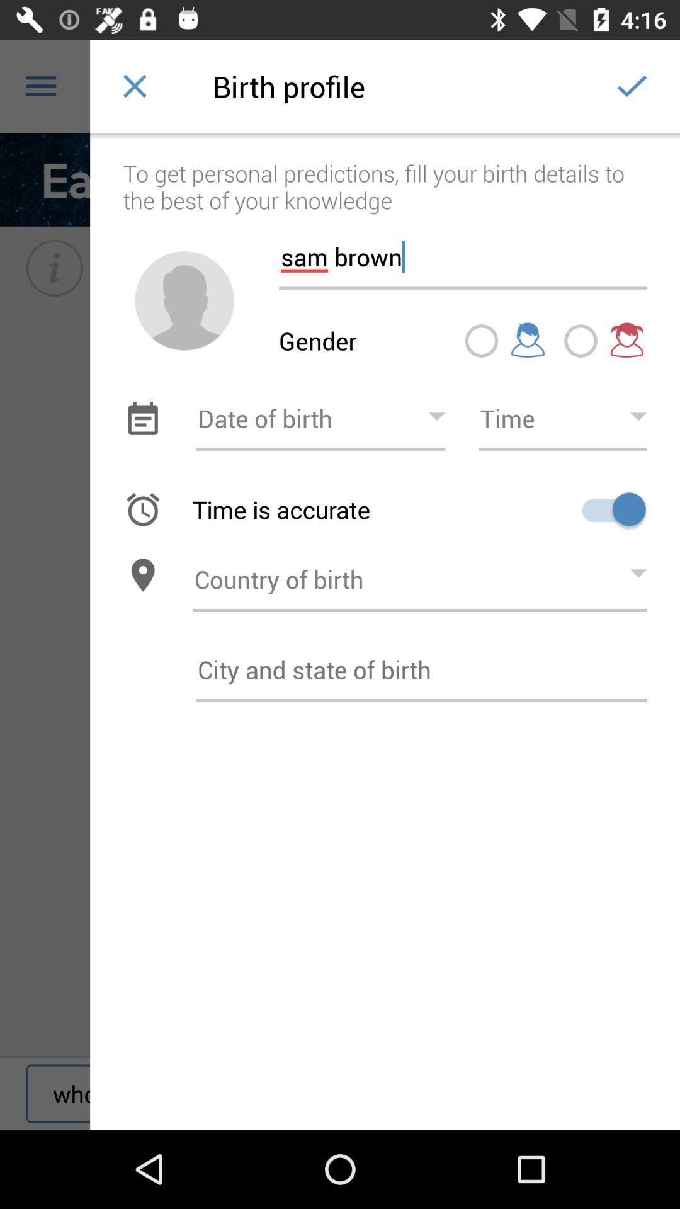 This screenshot has height=1209, width=680. I want to click on date of birth button, so click(320, 418).